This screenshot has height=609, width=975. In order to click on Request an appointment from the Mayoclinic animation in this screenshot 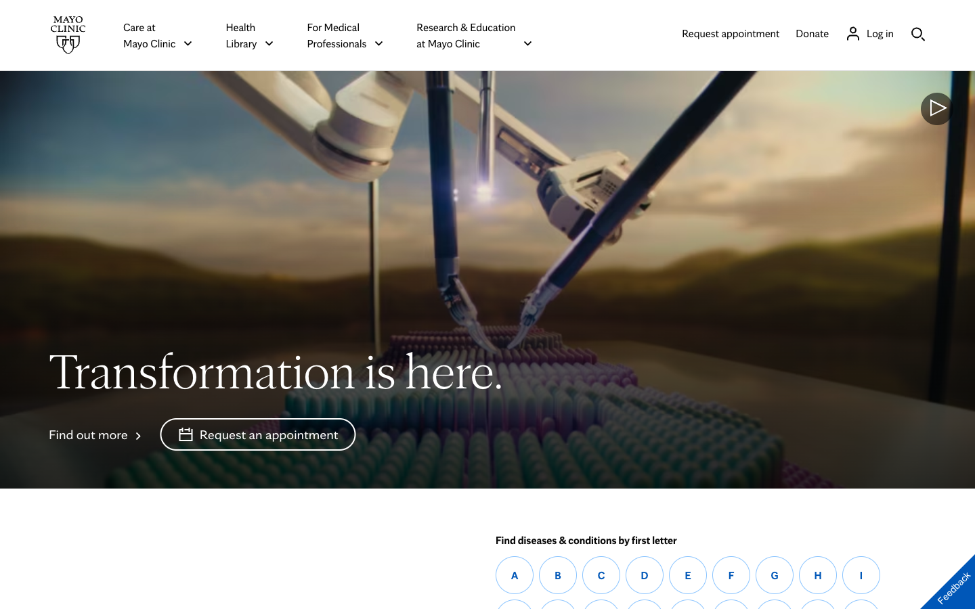, I will do `click(257, 434)`.